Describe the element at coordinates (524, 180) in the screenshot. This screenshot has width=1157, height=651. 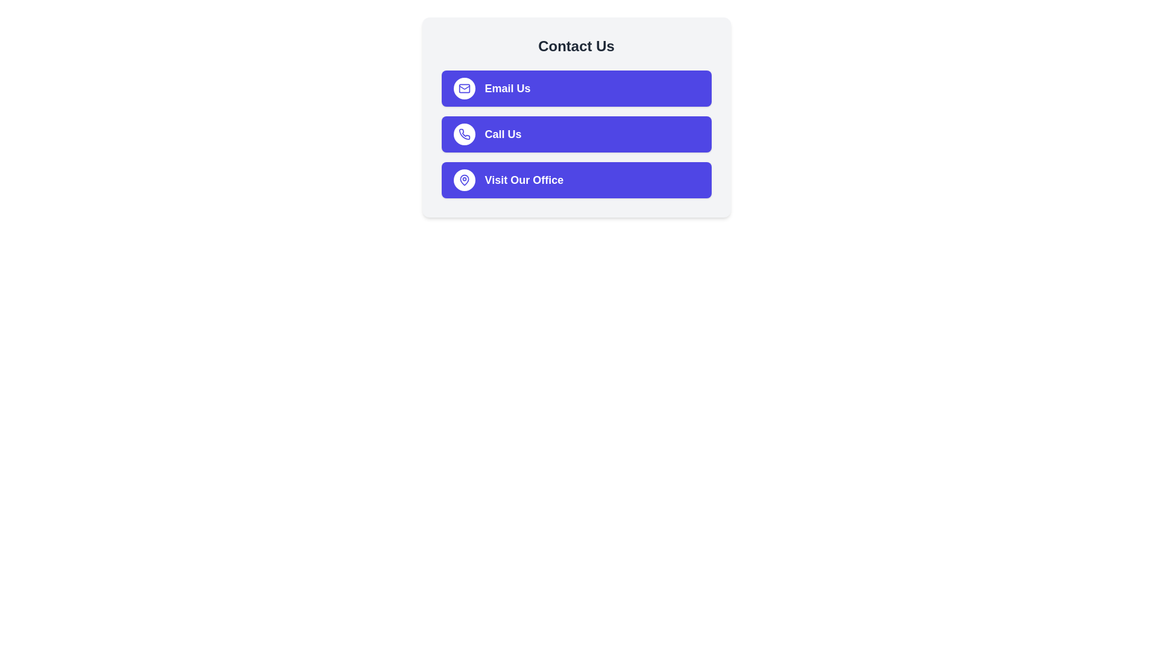
I see `text 'Visit Our Office' displayed on the blue button with rounded corners, which is the third button in a vertically aligned list on the 'Contact Us' card` at that location.